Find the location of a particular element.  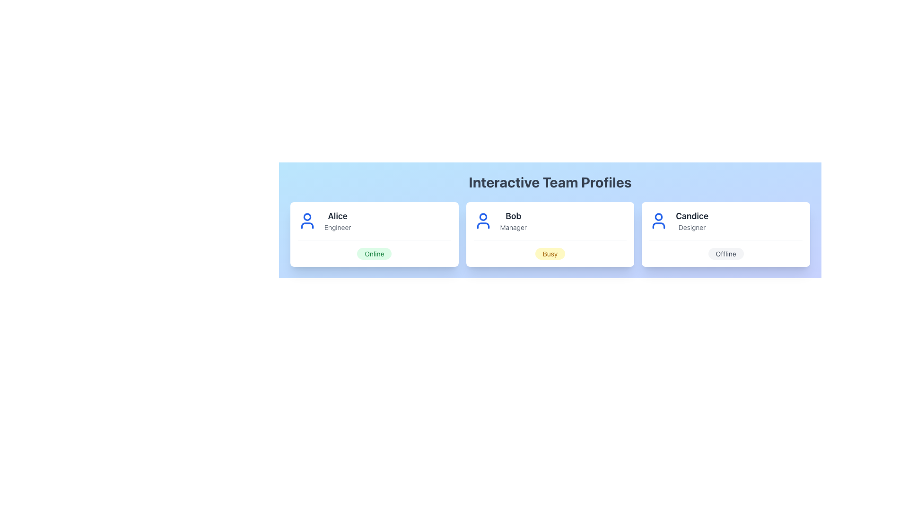

the offline status badge indicating that Candice is currently offline, located near the bottom center of her user card, which is the rightmost card in a series of three is located at coordinates (725, 253).